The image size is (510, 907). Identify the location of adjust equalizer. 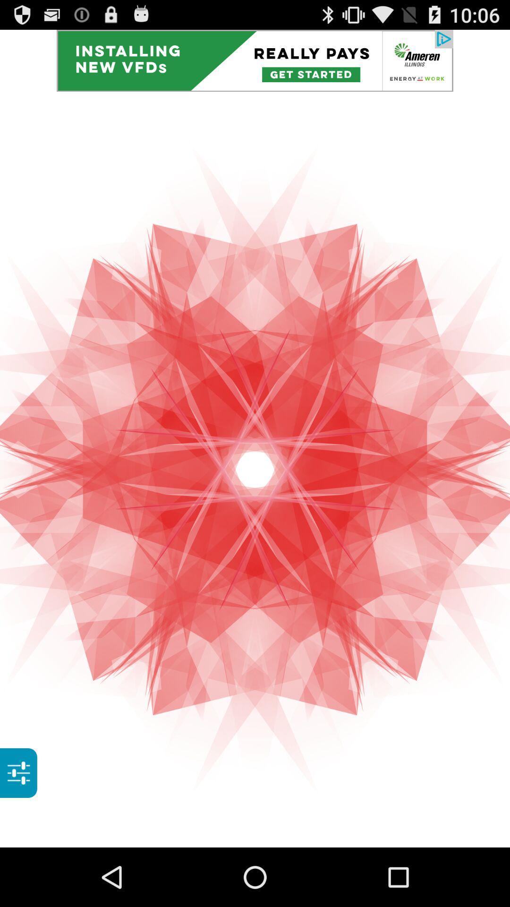
(18, 773).